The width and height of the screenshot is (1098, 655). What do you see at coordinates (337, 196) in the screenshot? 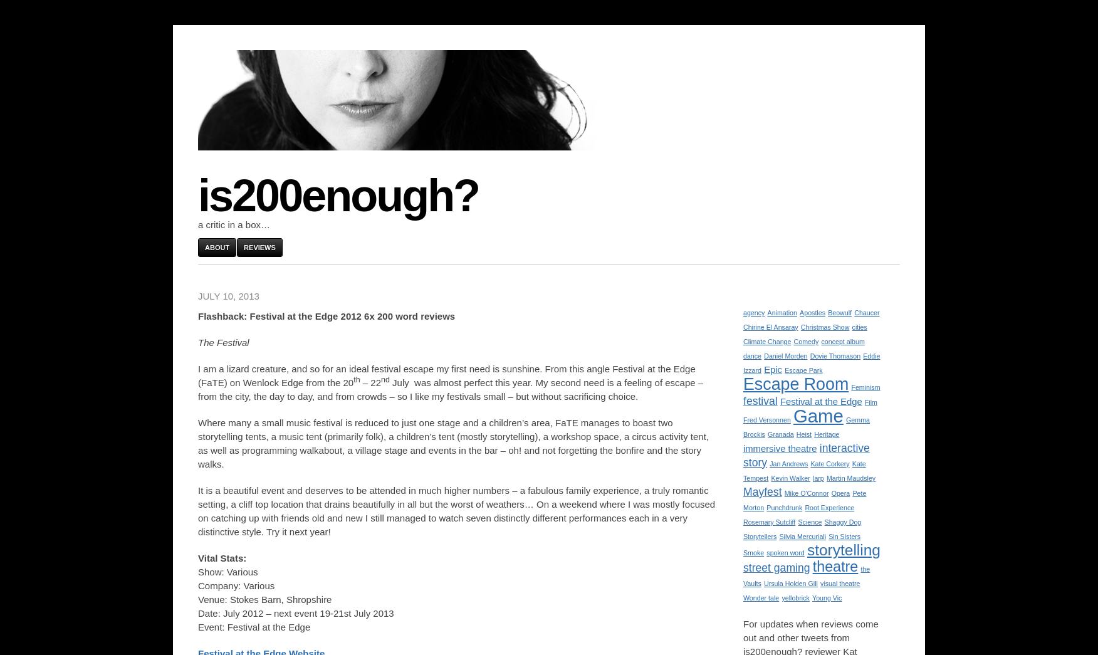
I see `'is200enough?'` at bounding box center [337, 196].